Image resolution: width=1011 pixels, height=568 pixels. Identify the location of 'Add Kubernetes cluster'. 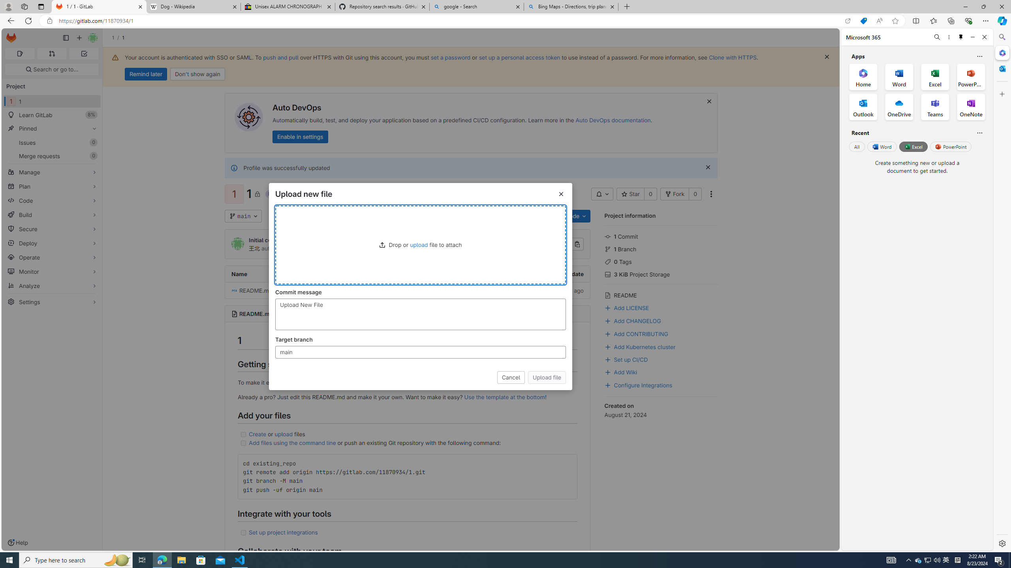
(639, 346).